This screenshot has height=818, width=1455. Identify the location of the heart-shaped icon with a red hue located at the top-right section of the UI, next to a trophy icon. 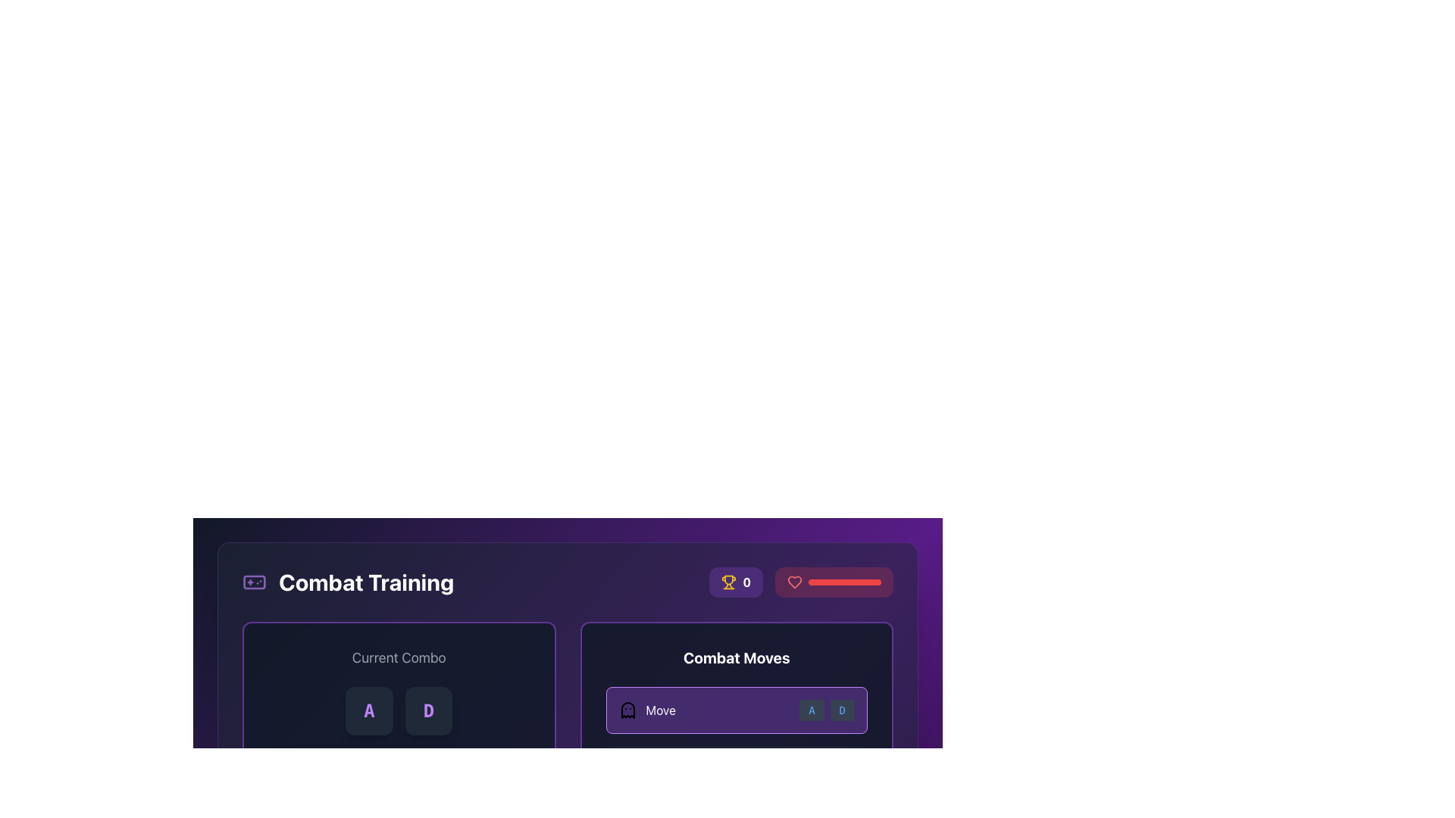
(794, 581).